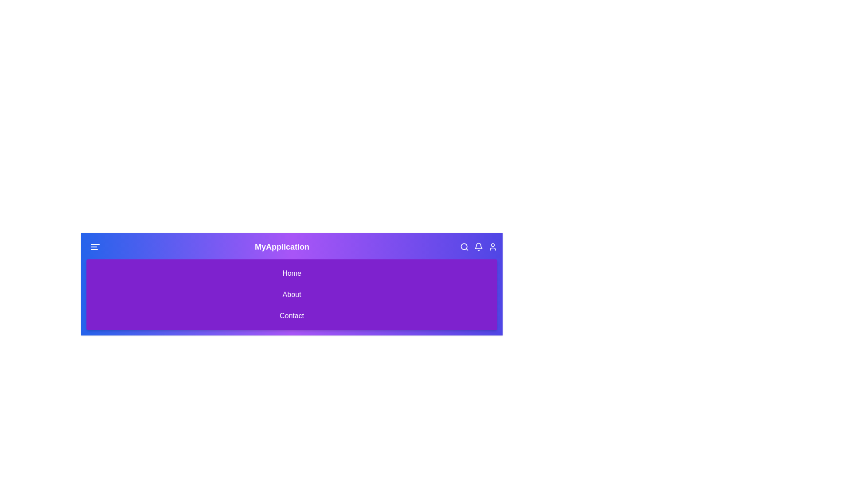  I want to click on the 'Home' menu item to navigate to the 'Home' section, so click(292, 273).